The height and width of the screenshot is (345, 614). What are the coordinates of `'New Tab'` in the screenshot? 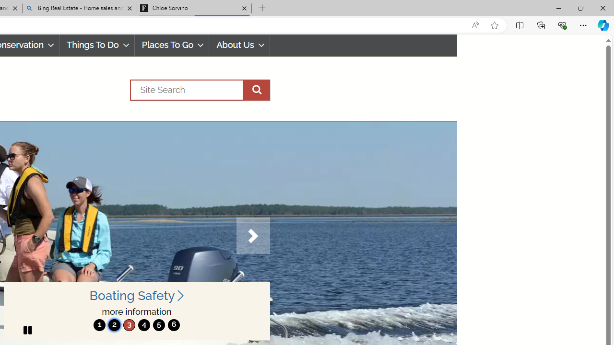 It's located at (262, 8).